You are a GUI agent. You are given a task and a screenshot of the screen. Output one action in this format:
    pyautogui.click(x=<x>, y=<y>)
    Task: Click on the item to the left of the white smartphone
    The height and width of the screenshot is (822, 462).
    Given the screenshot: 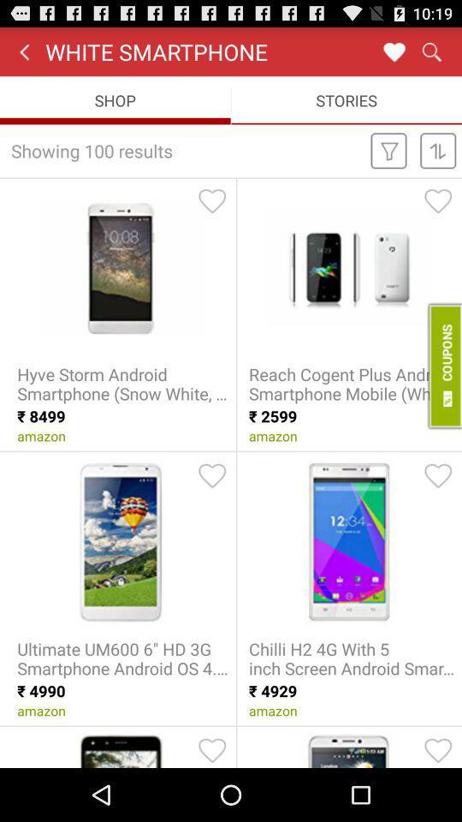 What is the action you would take?
    pyautogui.click(x=23, y=51)
    